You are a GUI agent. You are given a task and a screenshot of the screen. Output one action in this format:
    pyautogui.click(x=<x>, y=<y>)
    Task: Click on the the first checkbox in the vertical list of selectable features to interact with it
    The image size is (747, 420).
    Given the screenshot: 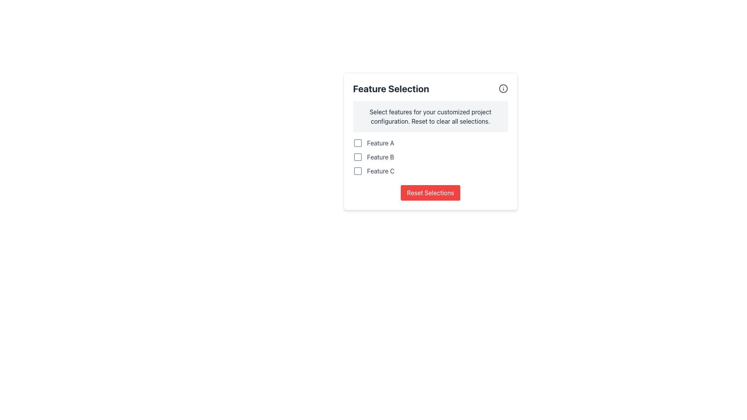 What is the action you would take?
    pyautogui.click(x=430, y=143)
    